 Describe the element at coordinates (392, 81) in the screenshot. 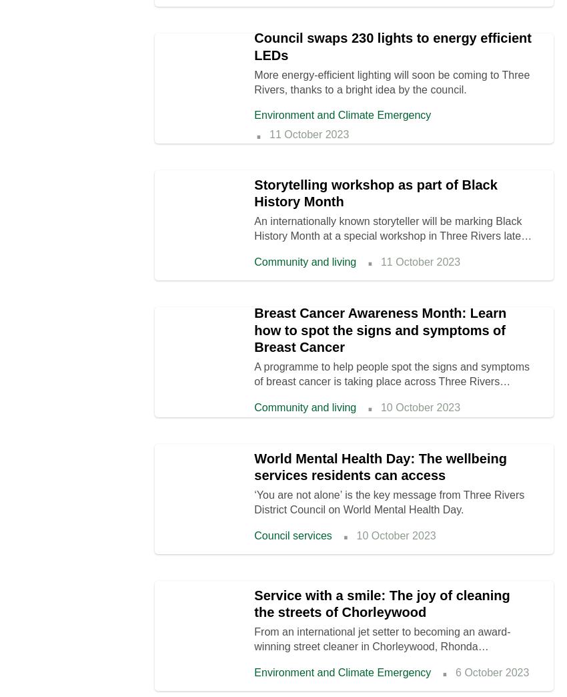

I see `'More energy-efficient lighting will soon be coming to Three Rivers, thanks to a bright idea by the council.'` at that location.